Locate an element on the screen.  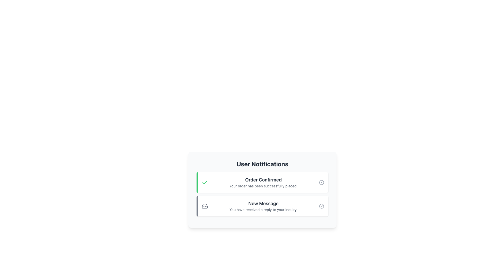
the green check mark icon that confirms the successful placement of an order, located to the left of the 'Order Confirmed' notification text within the 'User Notifications' card is located at coordinates (205, 182).